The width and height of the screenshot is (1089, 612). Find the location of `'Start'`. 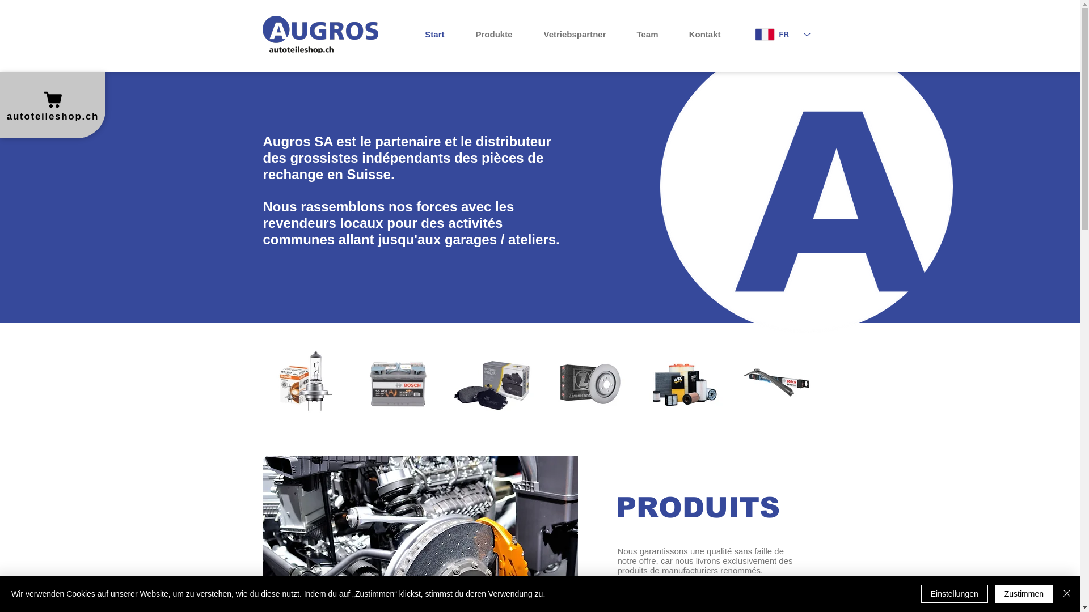

'Start' is located at coordinates (403, 34).